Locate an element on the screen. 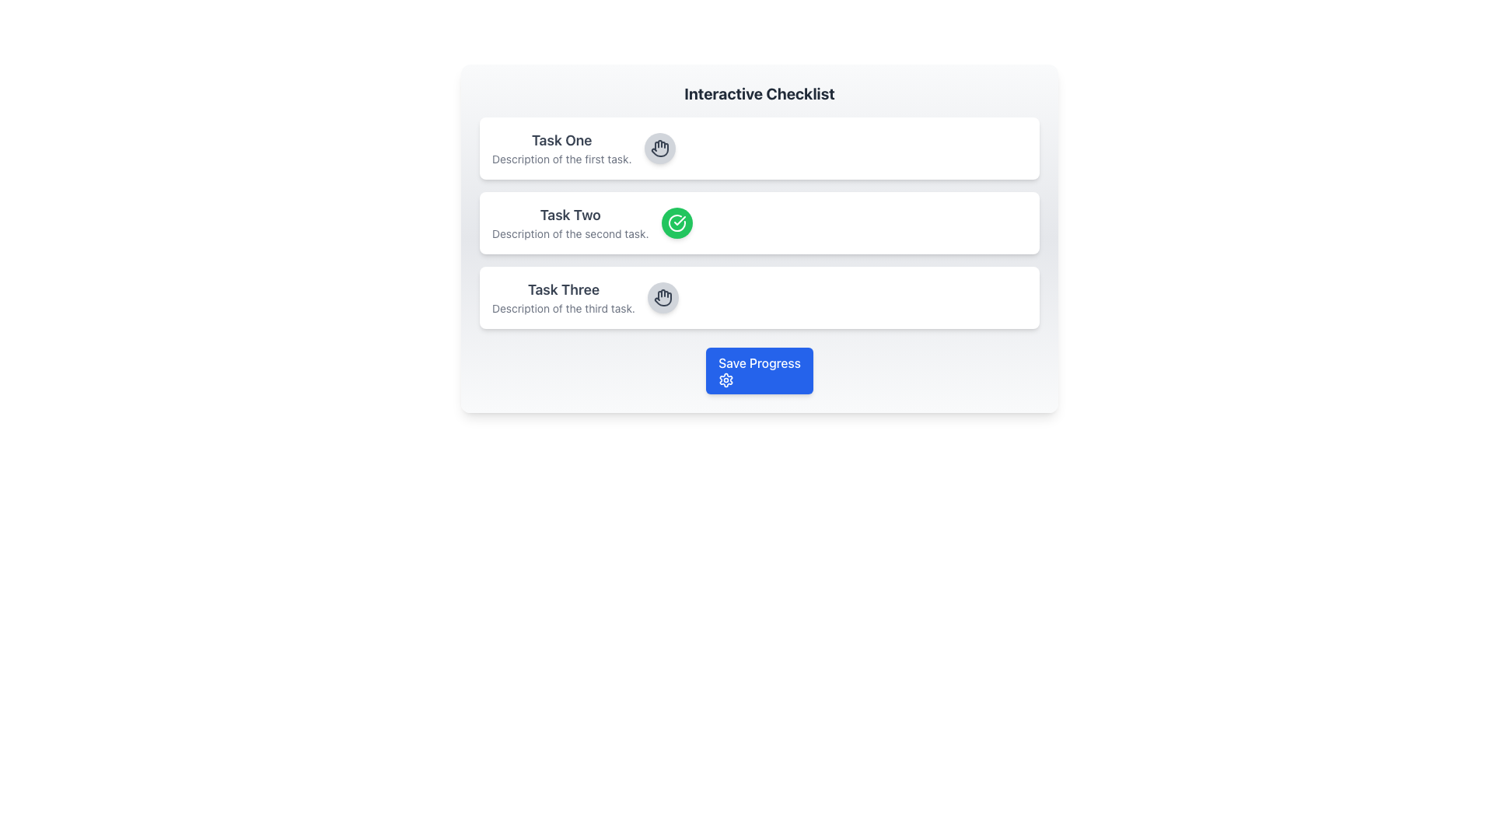 The height and width of the screenshot is (840, 1493). the green circular icon with a checkmark in the center, which is the second icon in the vertical task list associated with 'Task Two' is located at coordinates (677, 222).